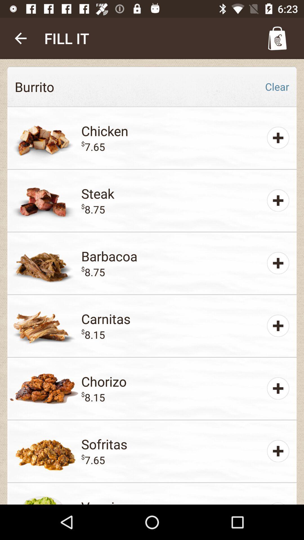  I want to click on the plus option which is beside chicken, so click(278, 138).